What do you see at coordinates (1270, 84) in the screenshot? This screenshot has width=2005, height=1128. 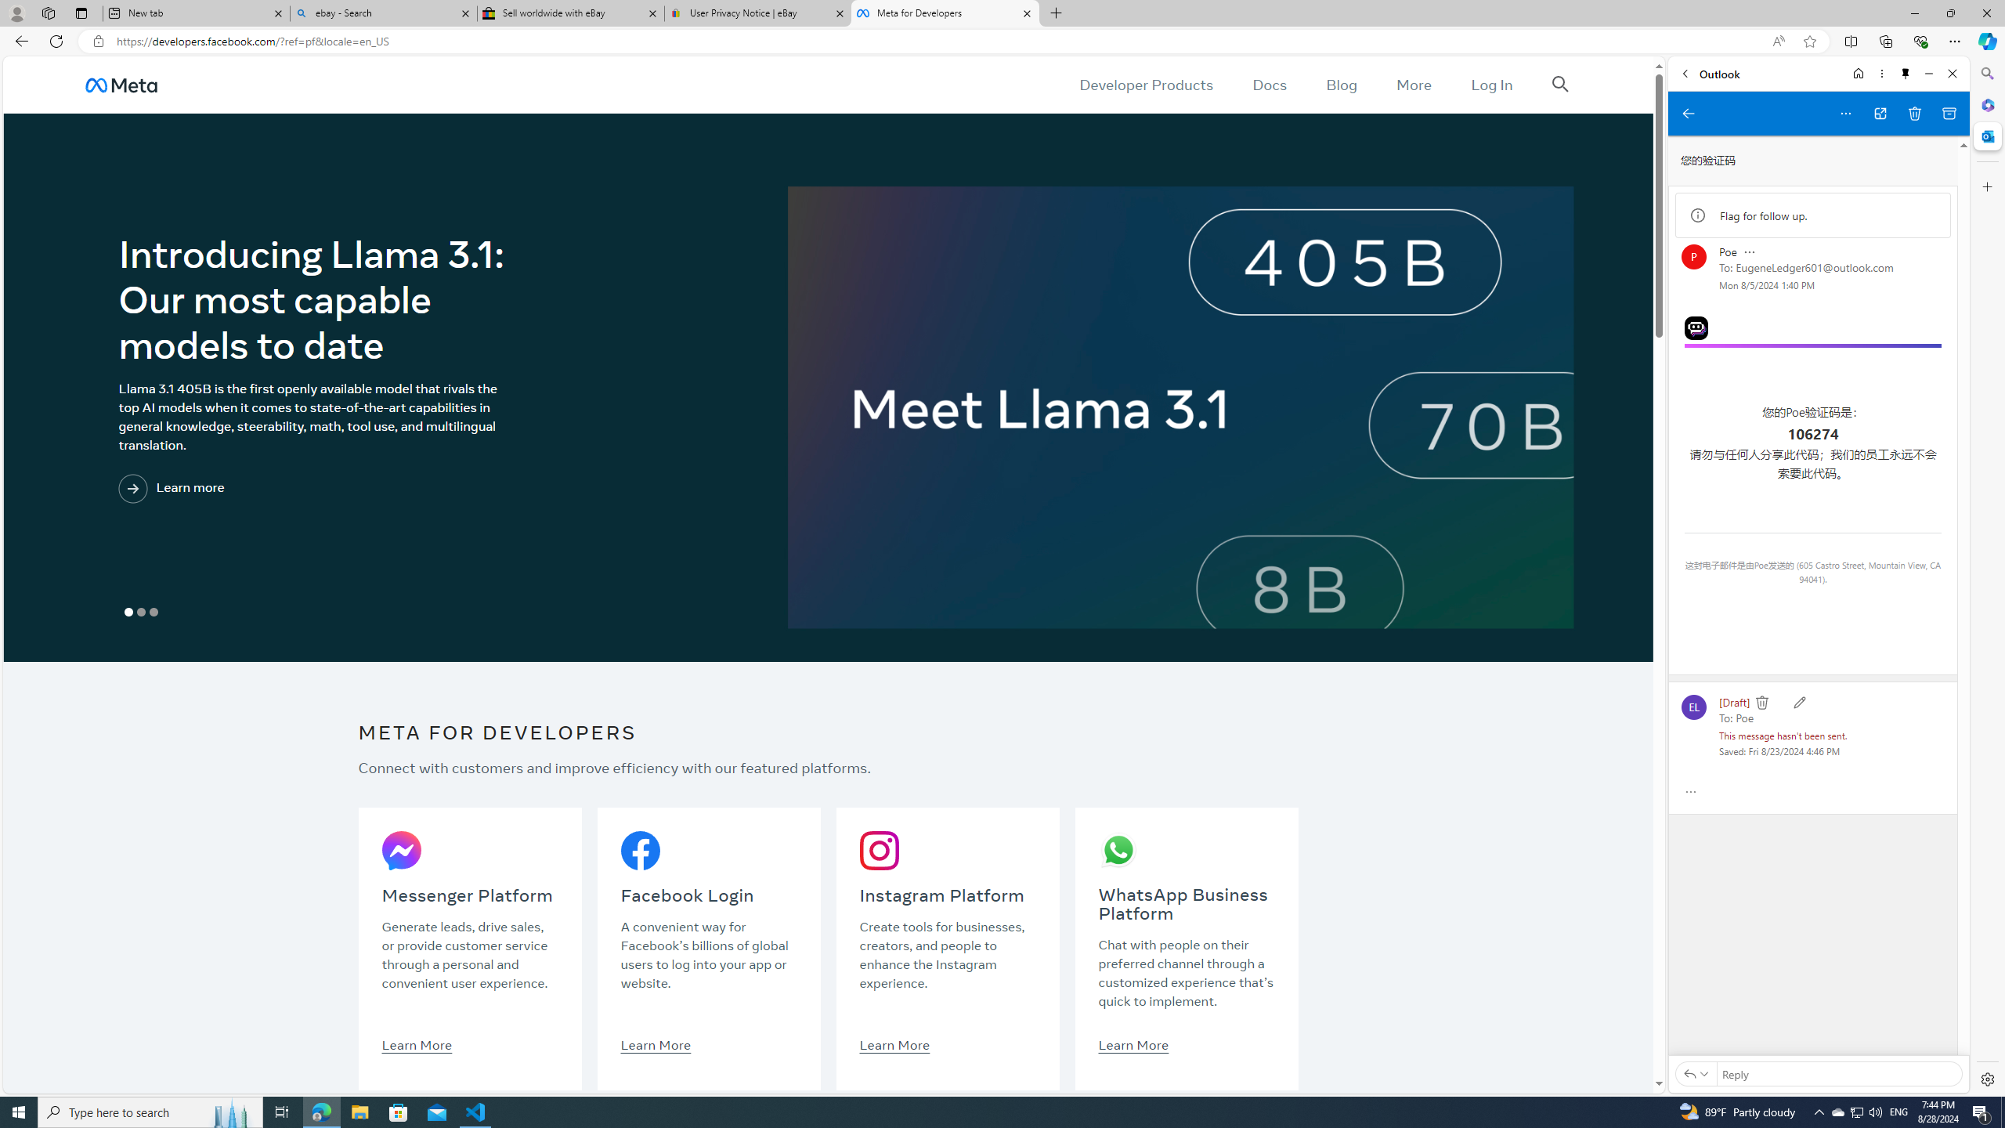 I see `'Docs'` at bounding box center [1270, 84].